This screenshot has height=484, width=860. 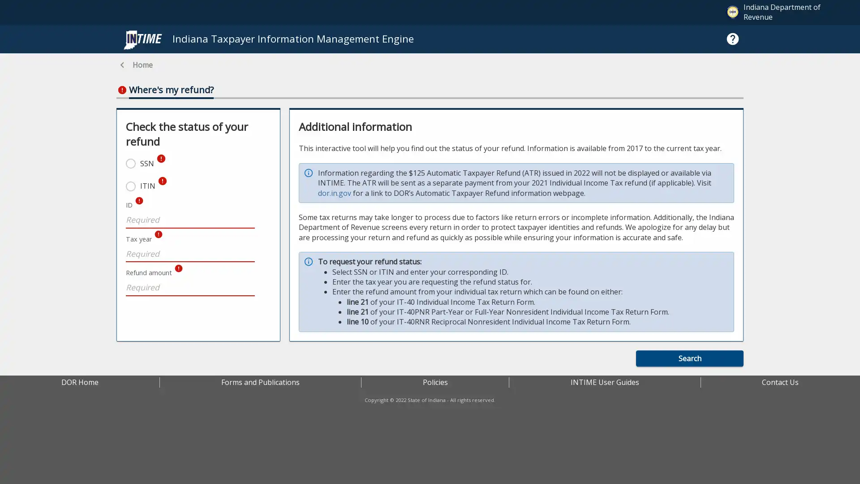 What do you see at coordinates (689, 358) in the screenshot?
I see `Search` at bounding box center [689, 358].